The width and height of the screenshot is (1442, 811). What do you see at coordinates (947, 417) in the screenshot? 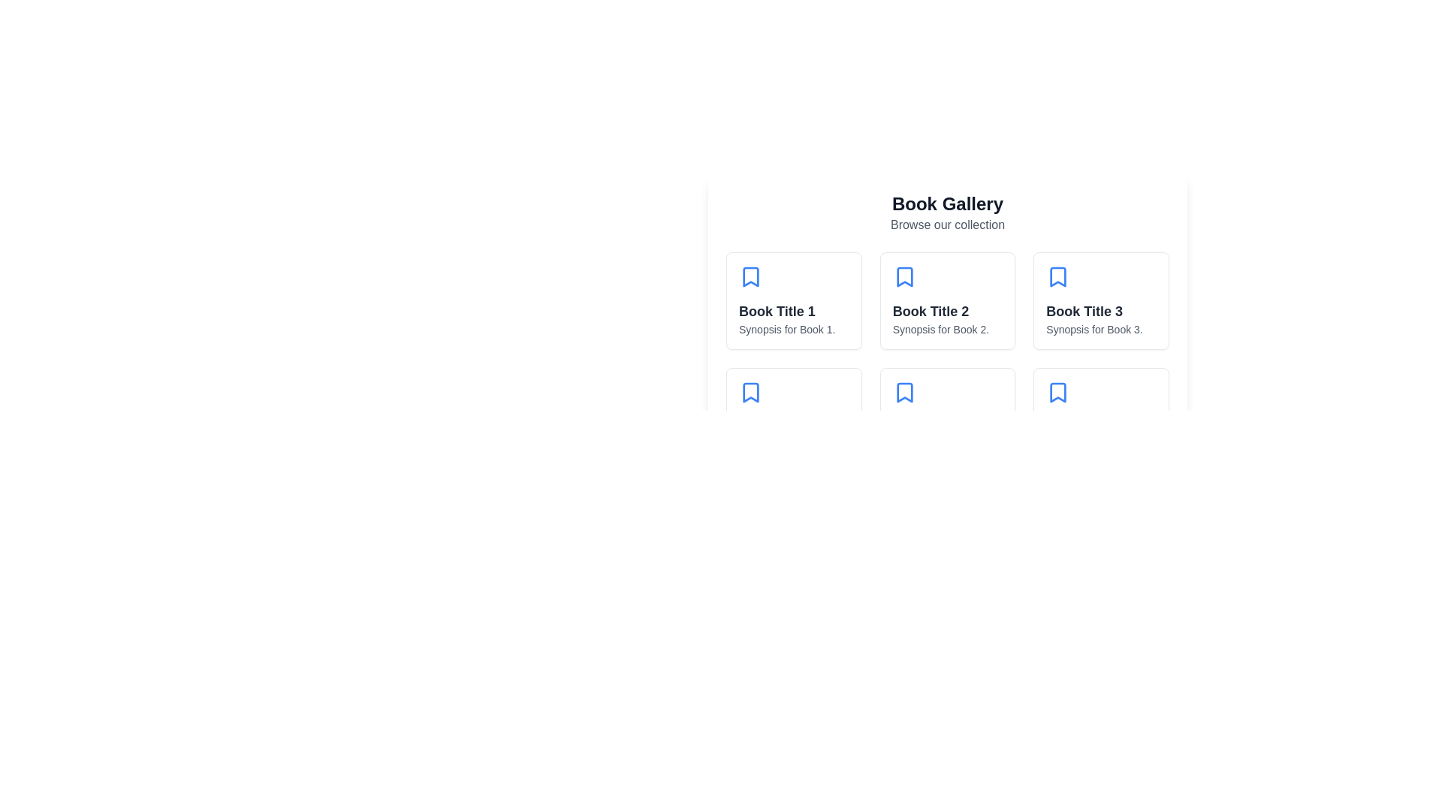
I see `book title and synopsis from the book card located in the second row and second column of the grid layout, positioned below 'Book Title 2' and next to 'Book Title 4' and 'Book Title 6'` at bounding box center [947, 417].